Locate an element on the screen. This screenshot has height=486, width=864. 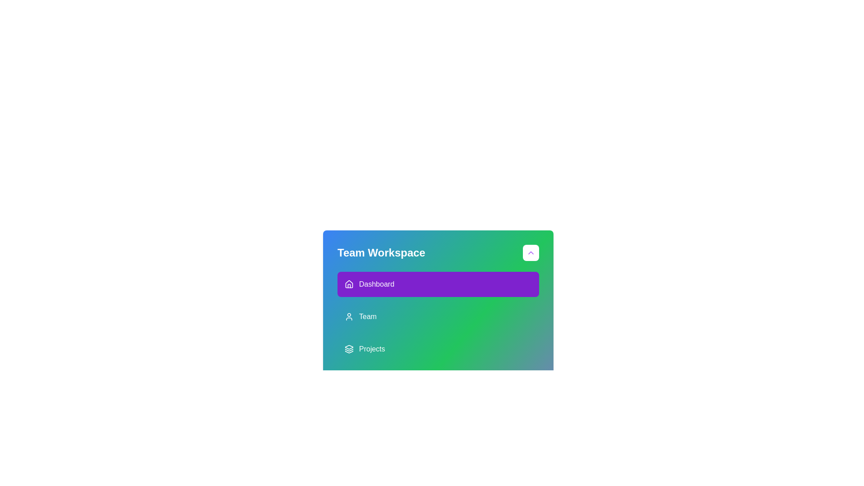
the house-shaped icon located within the purple rectangular button labeled 'Dashboard' is located at coordinates (349, 284).